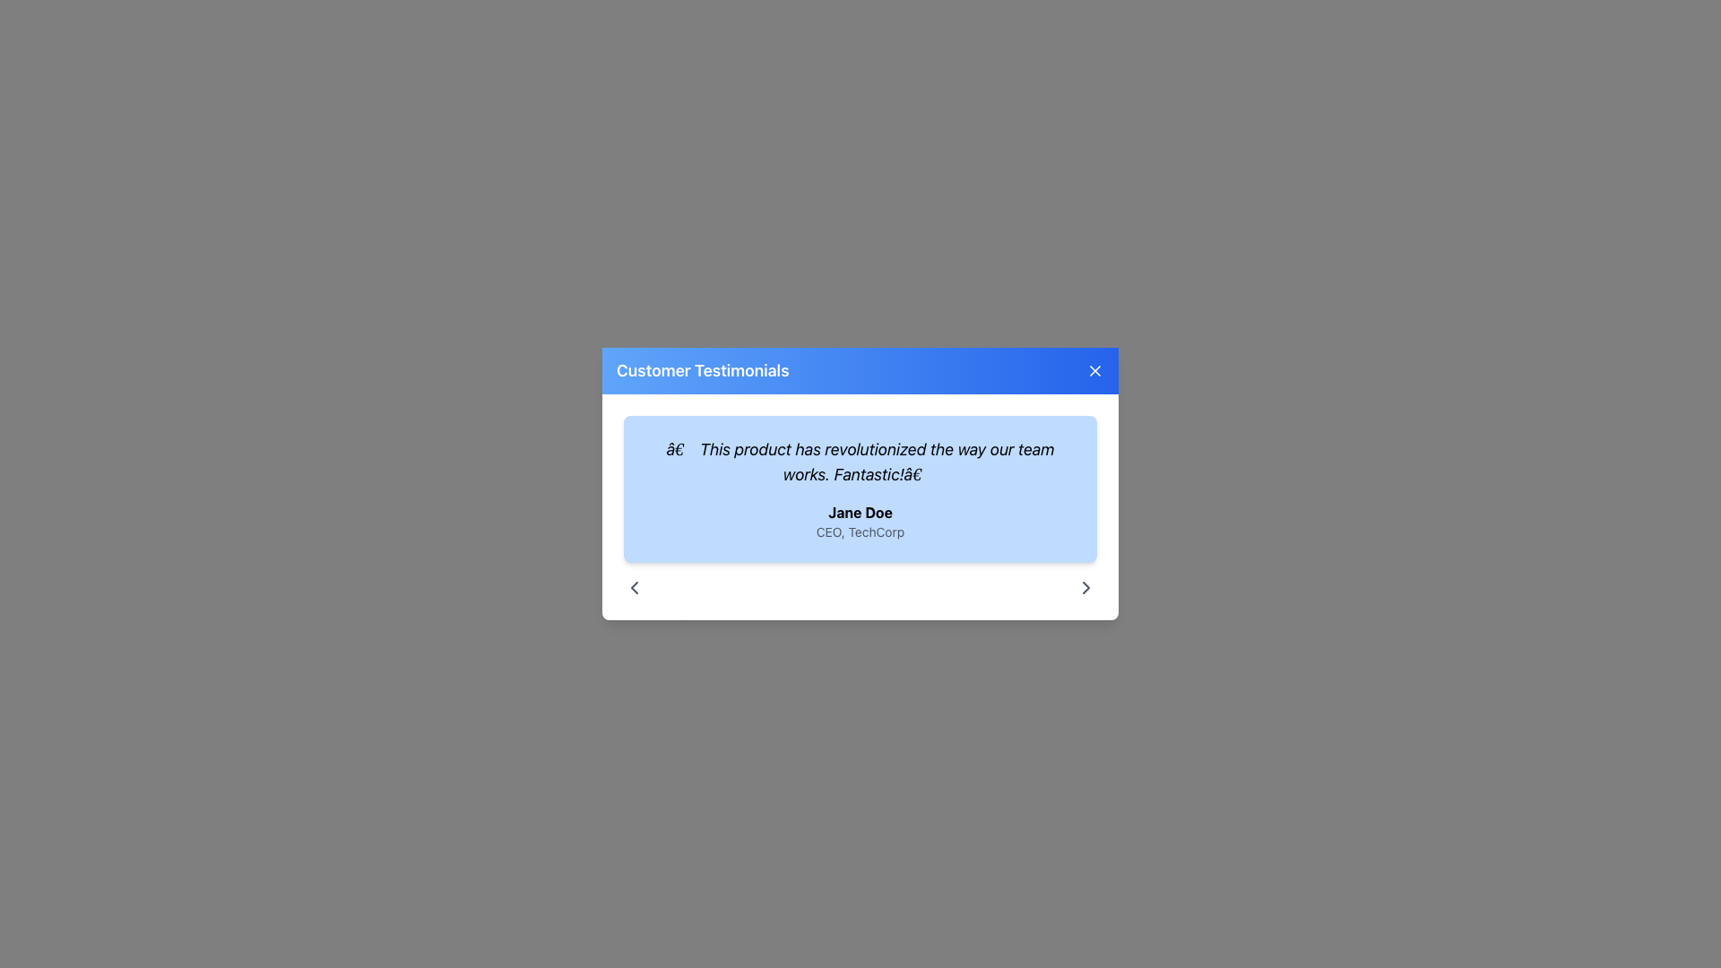 The height and width of the screenshot is (968, 1721). Describe the element at coordinates (1094, 369) in the screenshot. I see `the close button represented by an 'X' shape in the top-right corner of the 'Customer Testimonials' section` at that location.